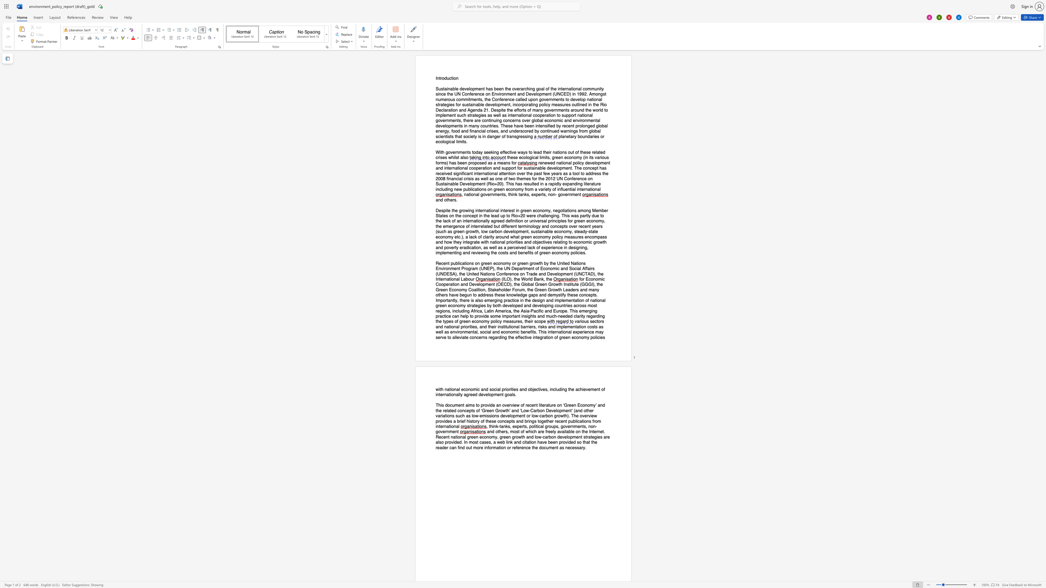 The height and width of the screenshot is (588, 1046). I want to click on the 8th character "v" in the text, so click(441, 125).